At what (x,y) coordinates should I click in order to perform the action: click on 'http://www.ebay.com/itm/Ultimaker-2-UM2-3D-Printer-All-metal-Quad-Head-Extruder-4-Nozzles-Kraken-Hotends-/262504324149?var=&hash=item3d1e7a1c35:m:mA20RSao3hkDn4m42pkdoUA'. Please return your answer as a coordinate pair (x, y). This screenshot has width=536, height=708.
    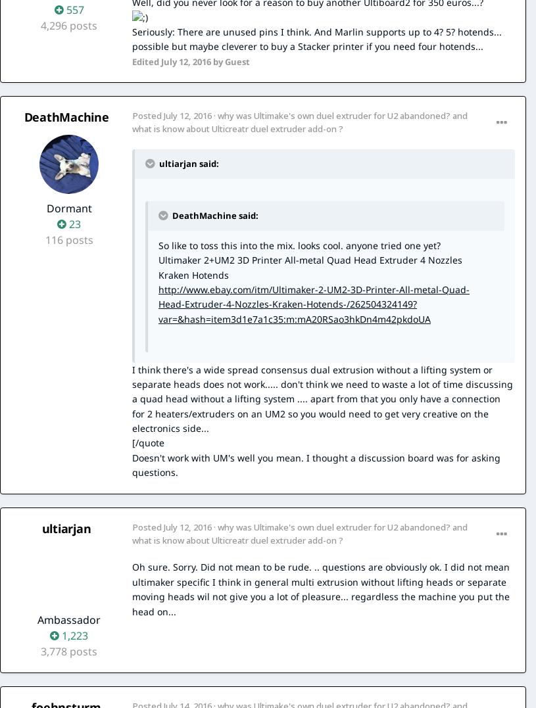
    Looking at the image, I should click on (314, 304).